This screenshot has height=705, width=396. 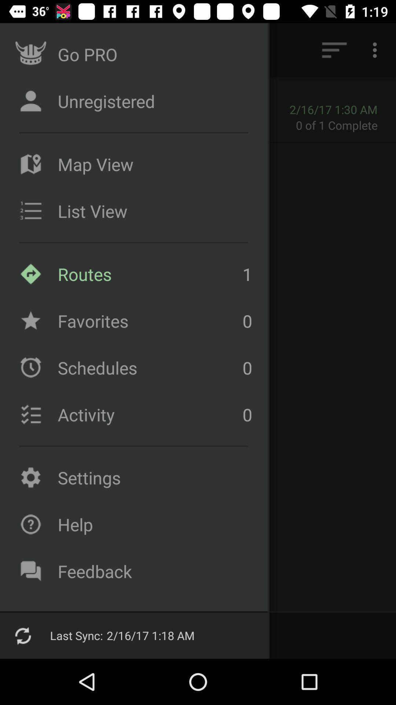 I want to click on icon to the left of the 0, so click(x=148, y=415).